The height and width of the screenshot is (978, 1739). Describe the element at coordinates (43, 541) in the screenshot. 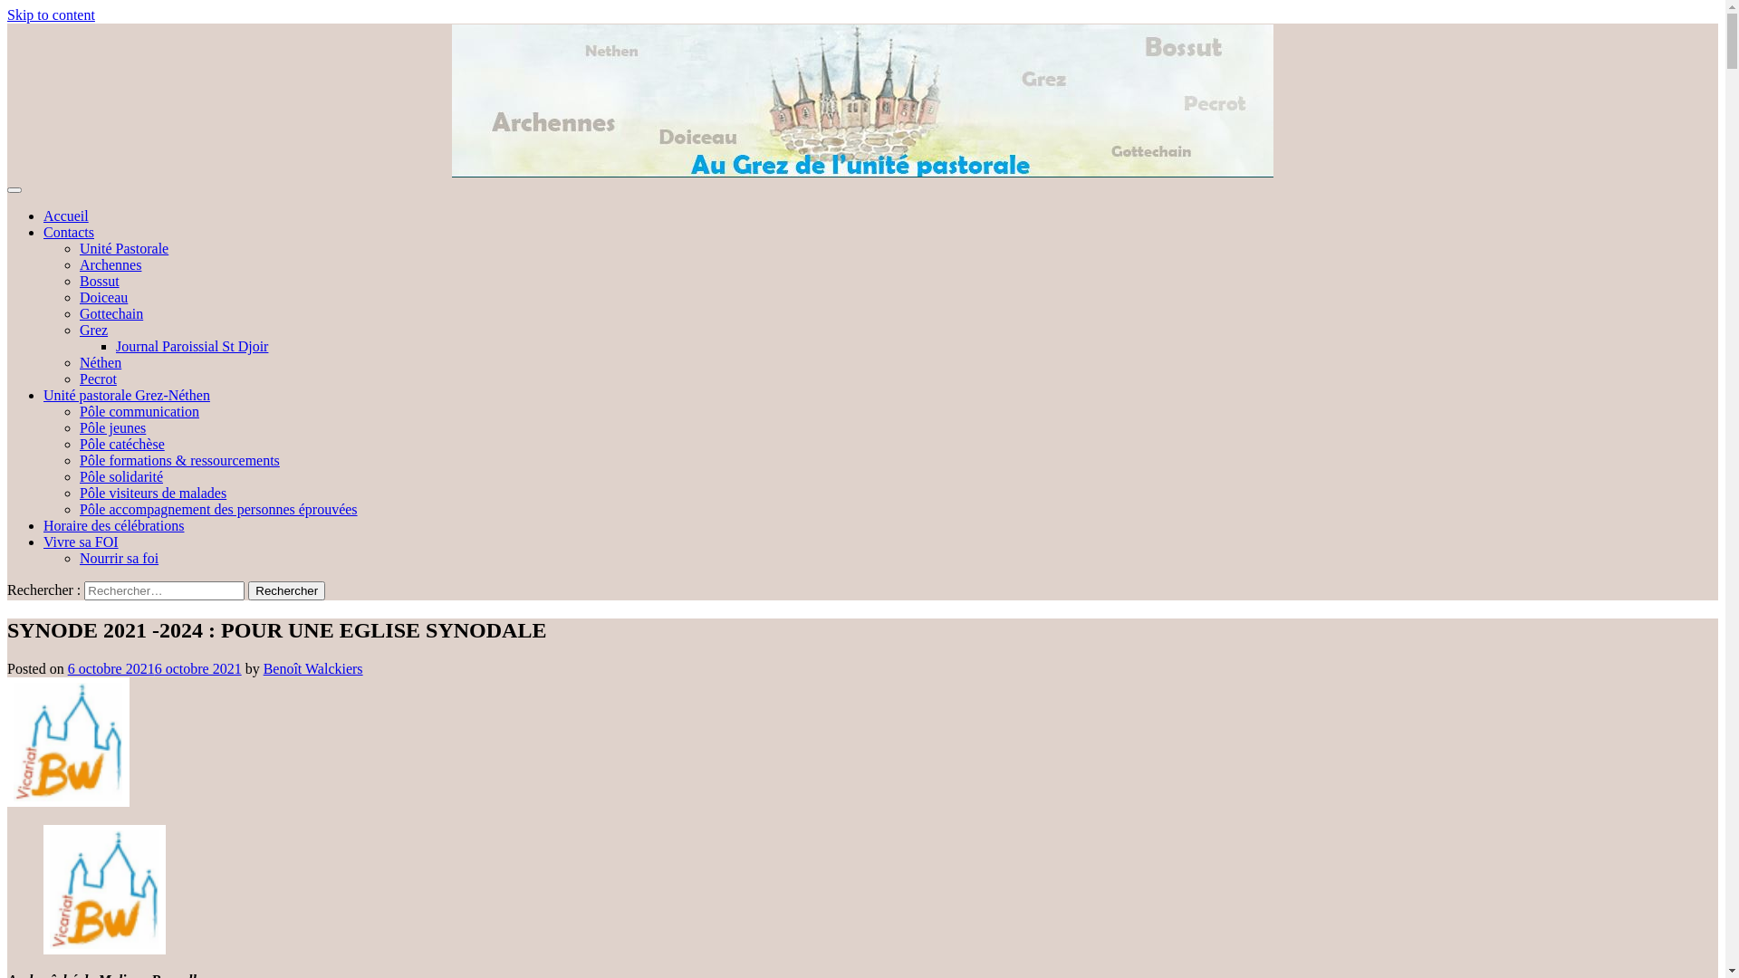

I see `'Vivre sa FOI'` at that location.